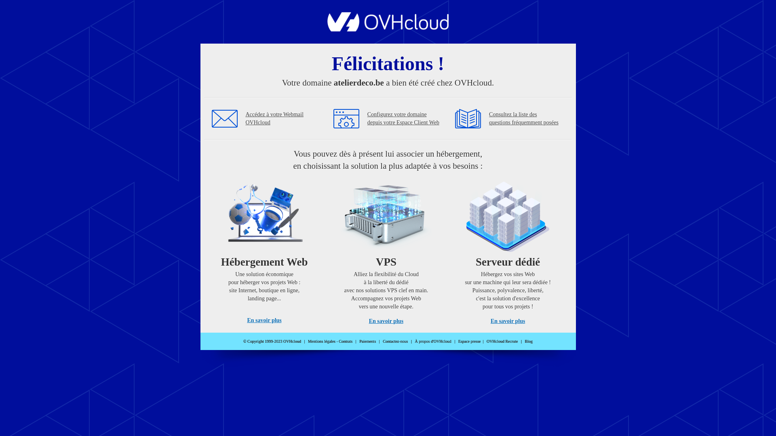 The height and width of the screenshot is (436, 776). Describe the element at coordinates (386, 321) in the screenshot. I see `'En savoir plus'` at that location.